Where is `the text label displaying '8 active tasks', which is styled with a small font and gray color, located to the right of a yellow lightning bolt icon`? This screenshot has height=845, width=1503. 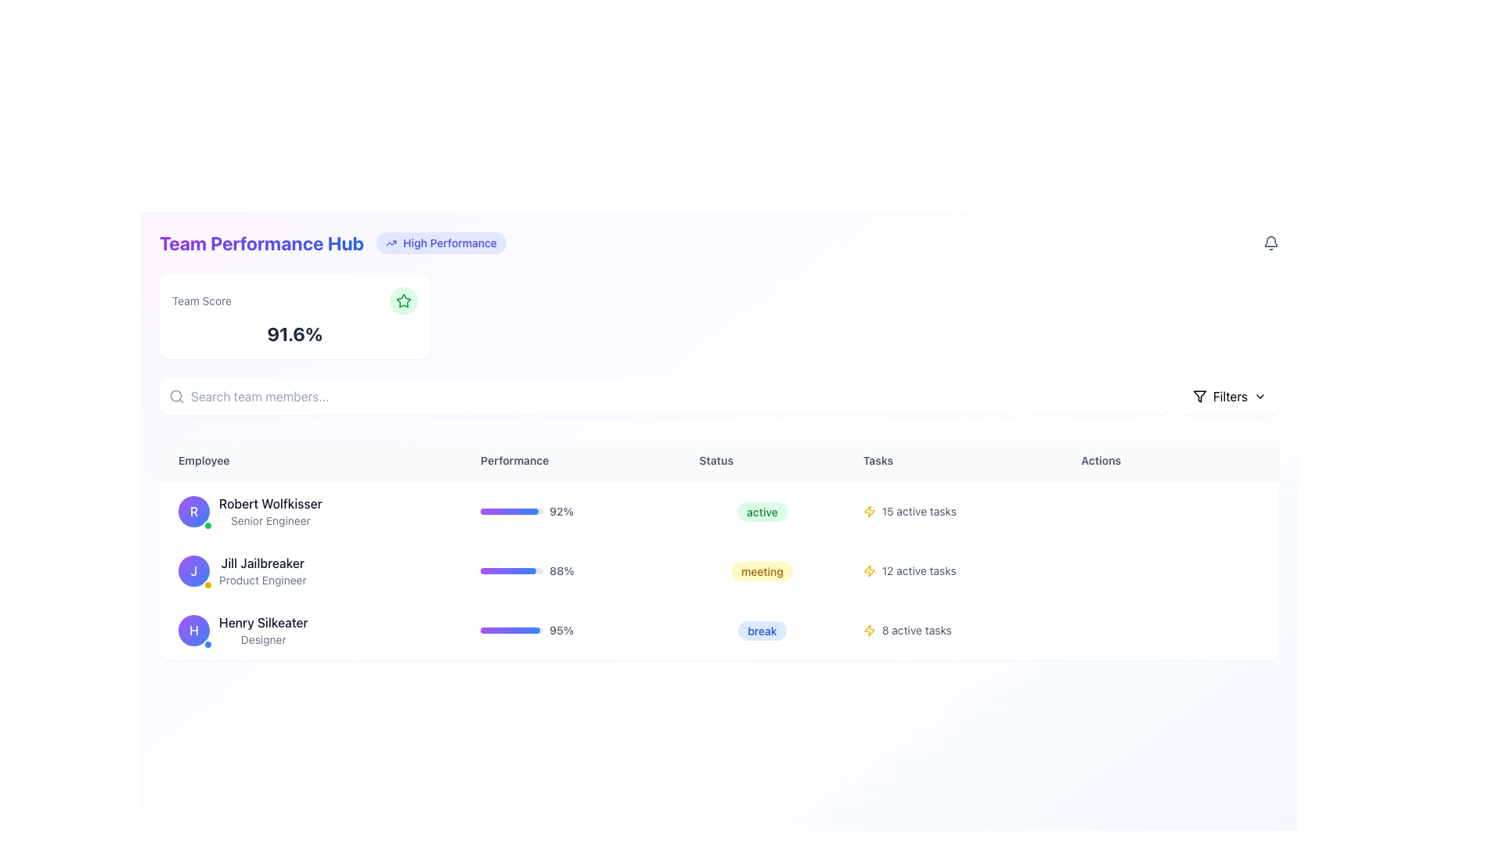 the text label displaying '8 active tasks', which is styled with a small font and gray color, located to the right of a yellow lightning bolt icon is located at coordinates (917, 630).